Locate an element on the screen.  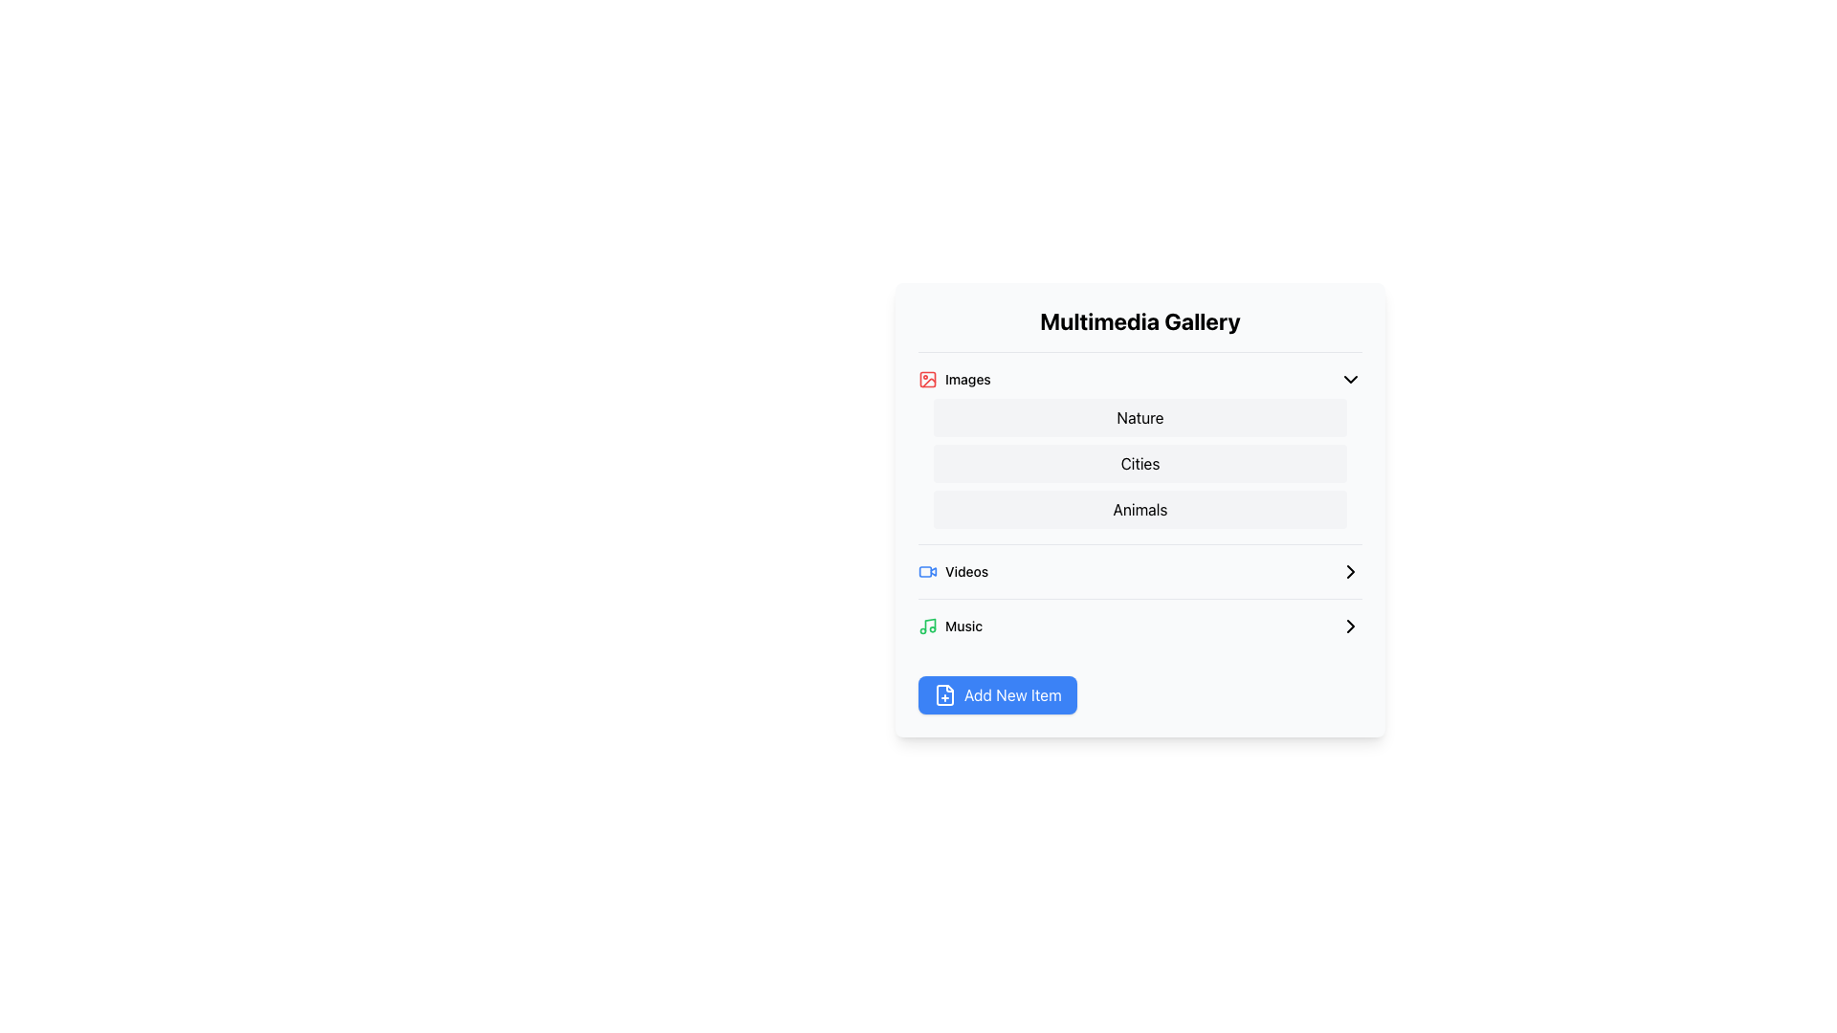
the category rows in the 'Multimedia Gallery' panel is located at coordinates (1140, 508).